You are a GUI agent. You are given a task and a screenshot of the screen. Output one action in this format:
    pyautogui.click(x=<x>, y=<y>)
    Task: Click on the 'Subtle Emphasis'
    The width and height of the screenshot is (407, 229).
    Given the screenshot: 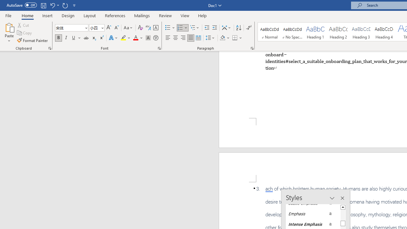 What is the action you would take?
    pyautogui.click(x=313, y=203)
    